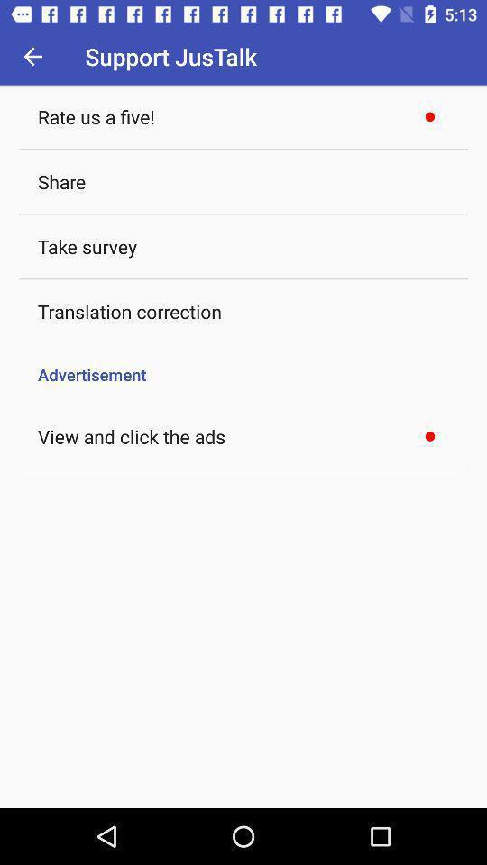 Image resolution: width=487 pixels, height=865 pixels. What do you see at coordinates (32, 56) in the screenshot?
I see `item to the left of support justalk` at bounding box center [32, 56].